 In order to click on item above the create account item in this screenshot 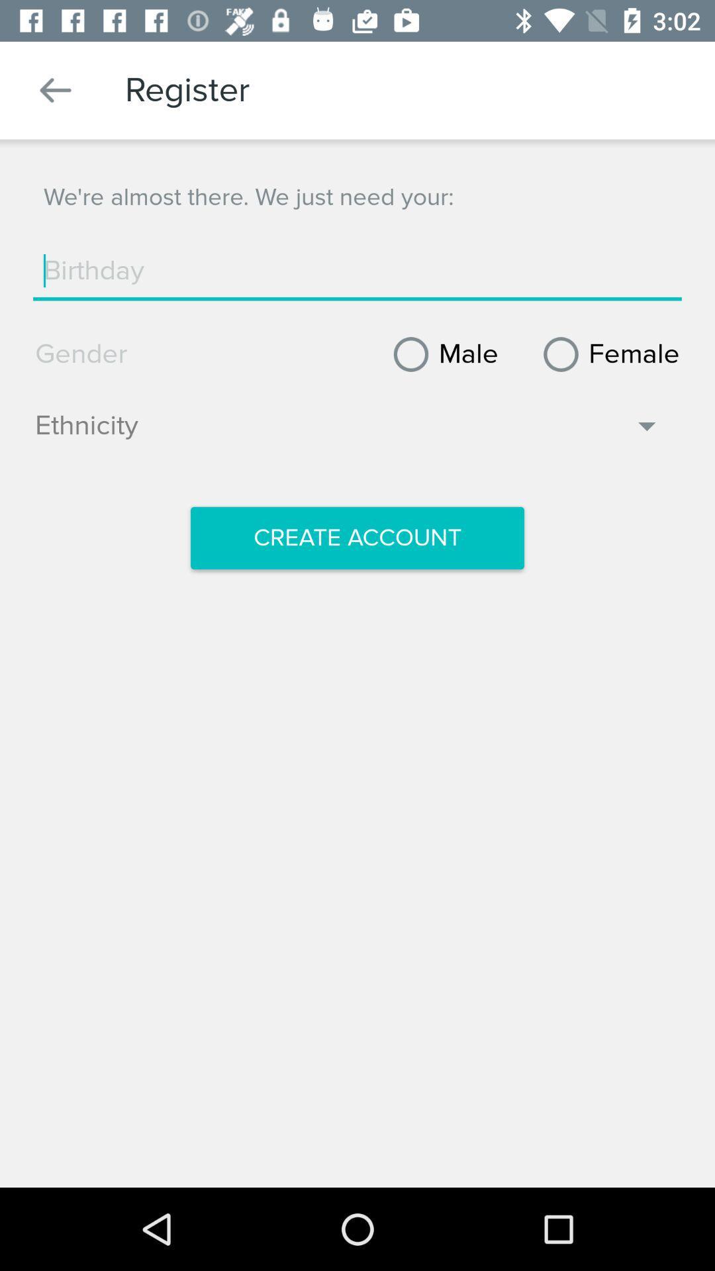, I will do `click(348, 432)`.